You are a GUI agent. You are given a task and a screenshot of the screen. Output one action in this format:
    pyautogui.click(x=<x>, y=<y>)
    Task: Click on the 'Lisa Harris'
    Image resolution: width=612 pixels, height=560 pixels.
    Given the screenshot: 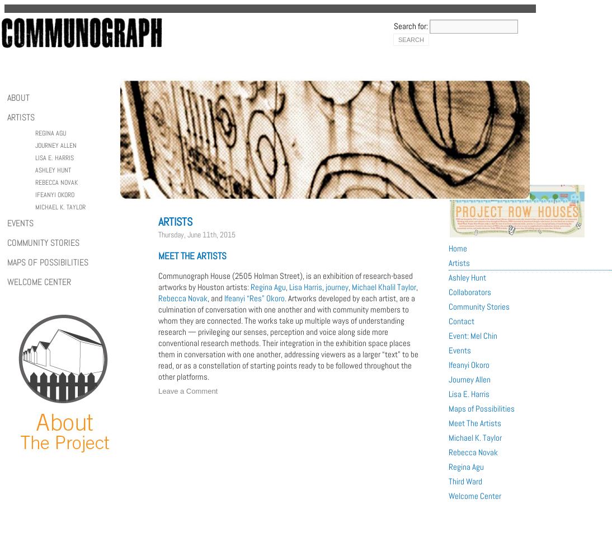 What is the action you would take?
    pyautogui.click(x=305, y=286)
    